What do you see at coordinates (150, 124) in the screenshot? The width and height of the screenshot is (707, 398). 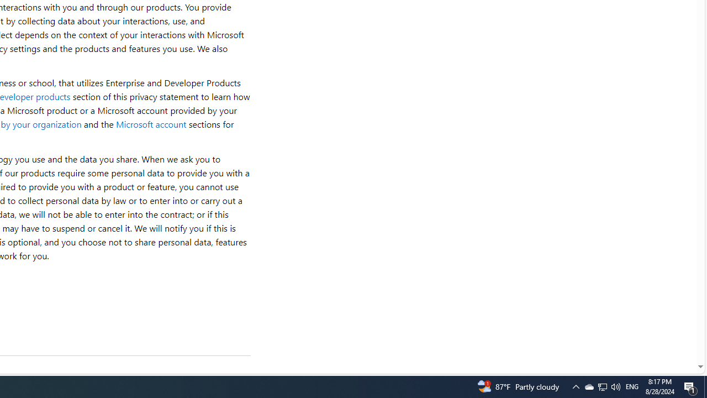 I see `'Microsoft account'` at bounding box center [150, 124].